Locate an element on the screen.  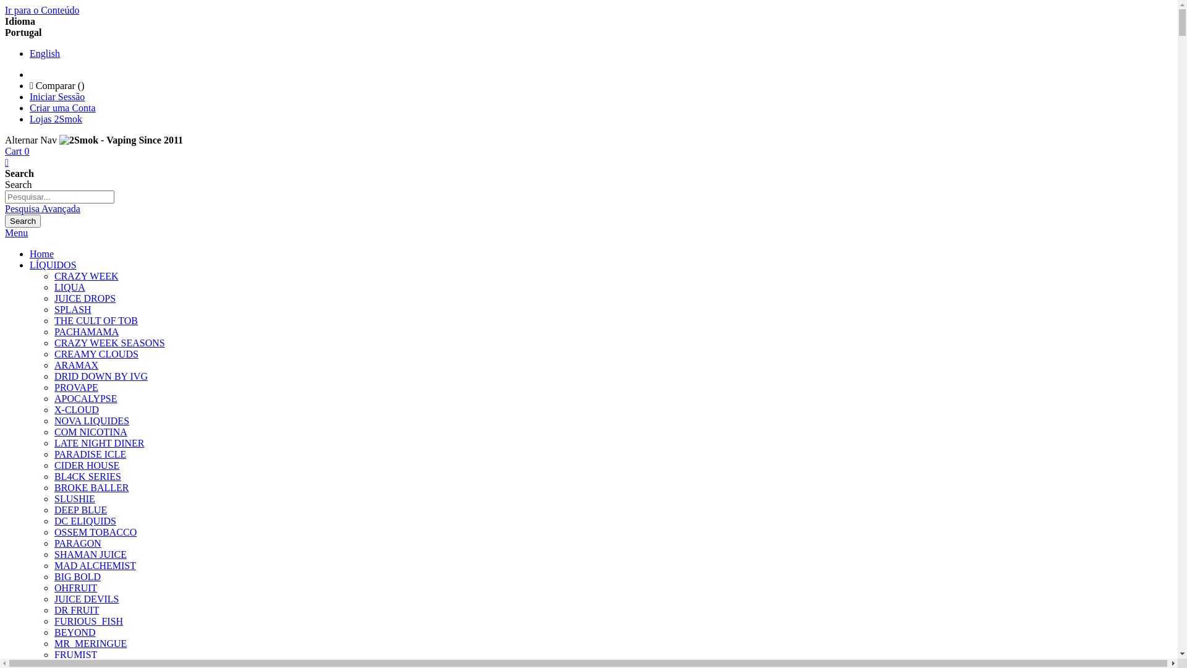
'Comparar ()' is located at coordinates (56, 85).